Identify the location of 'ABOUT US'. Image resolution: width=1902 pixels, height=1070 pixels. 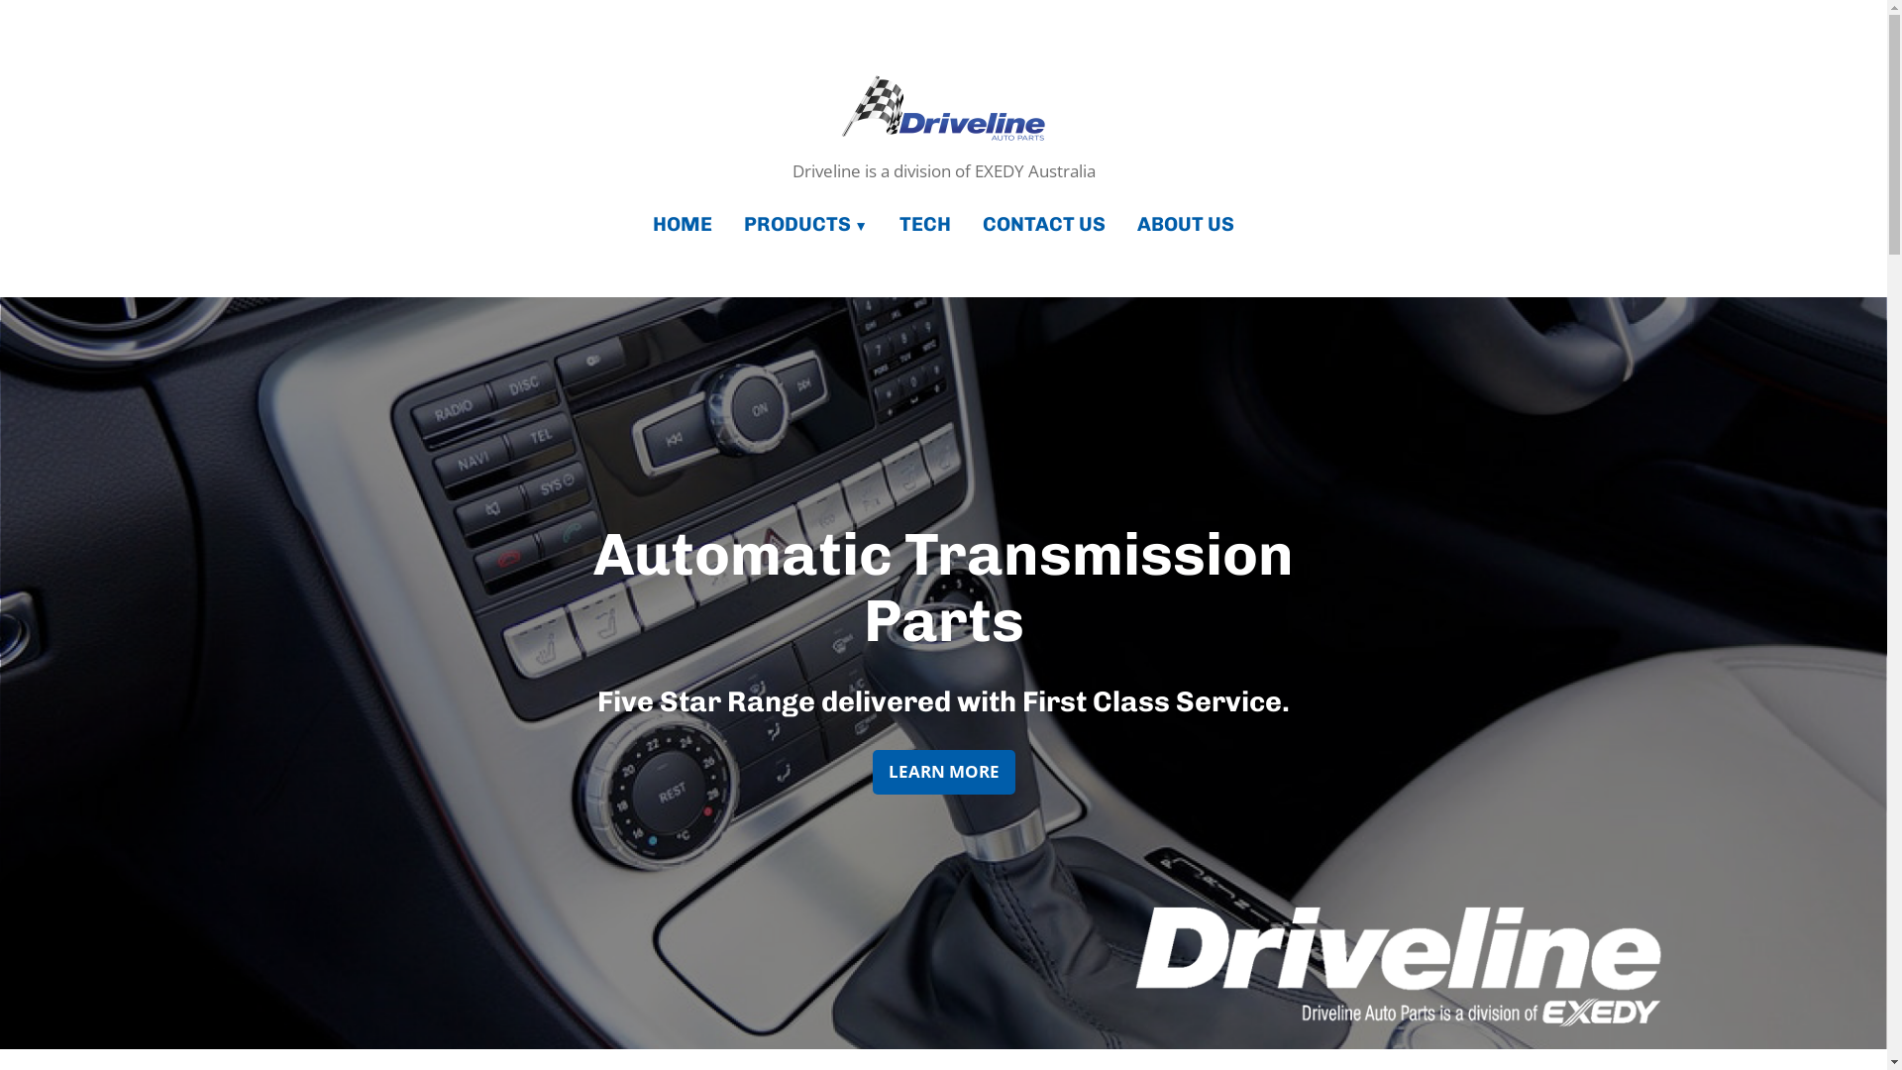
(1121, 224).